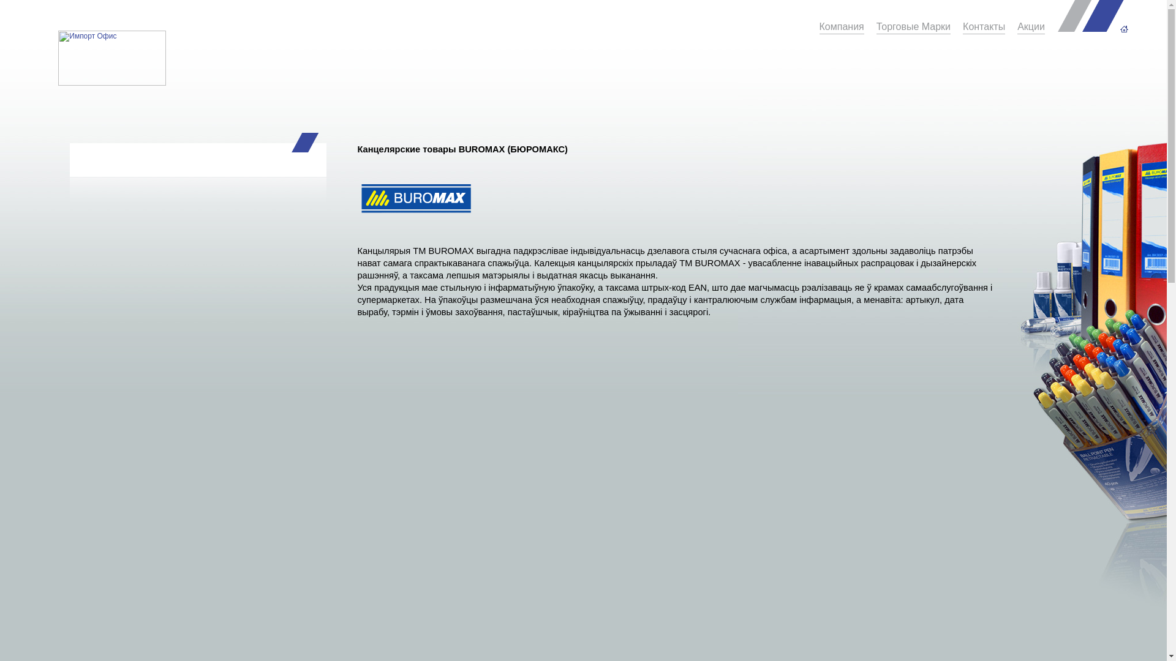  What do you see at coordinates (415, 200) in the screenshot?
I see `'BUROMAX'` at bounding box center [415, 200].